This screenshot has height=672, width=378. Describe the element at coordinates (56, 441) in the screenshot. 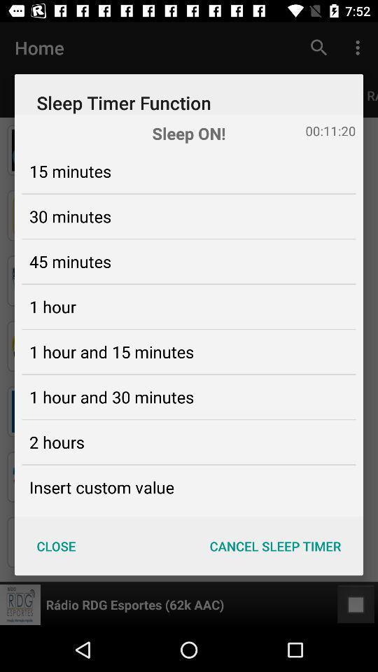

I see `2 hours item` at that location.